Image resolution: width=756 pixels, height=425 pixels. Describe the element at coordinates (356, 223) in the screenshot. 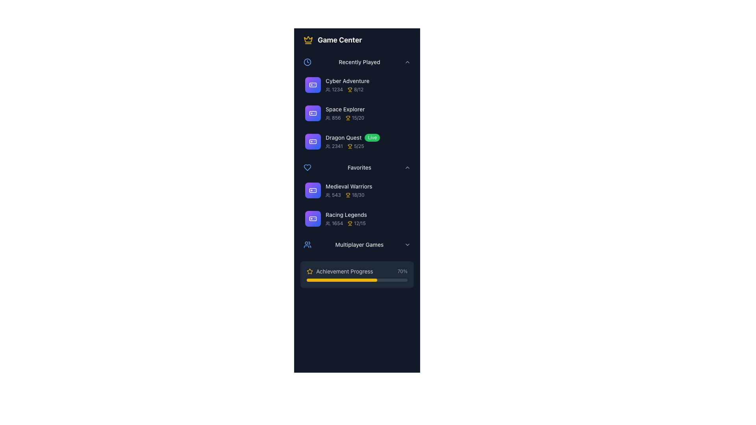

I see `the informational display showing the progress of achievements for the 'Racing Legends' game` at that location.